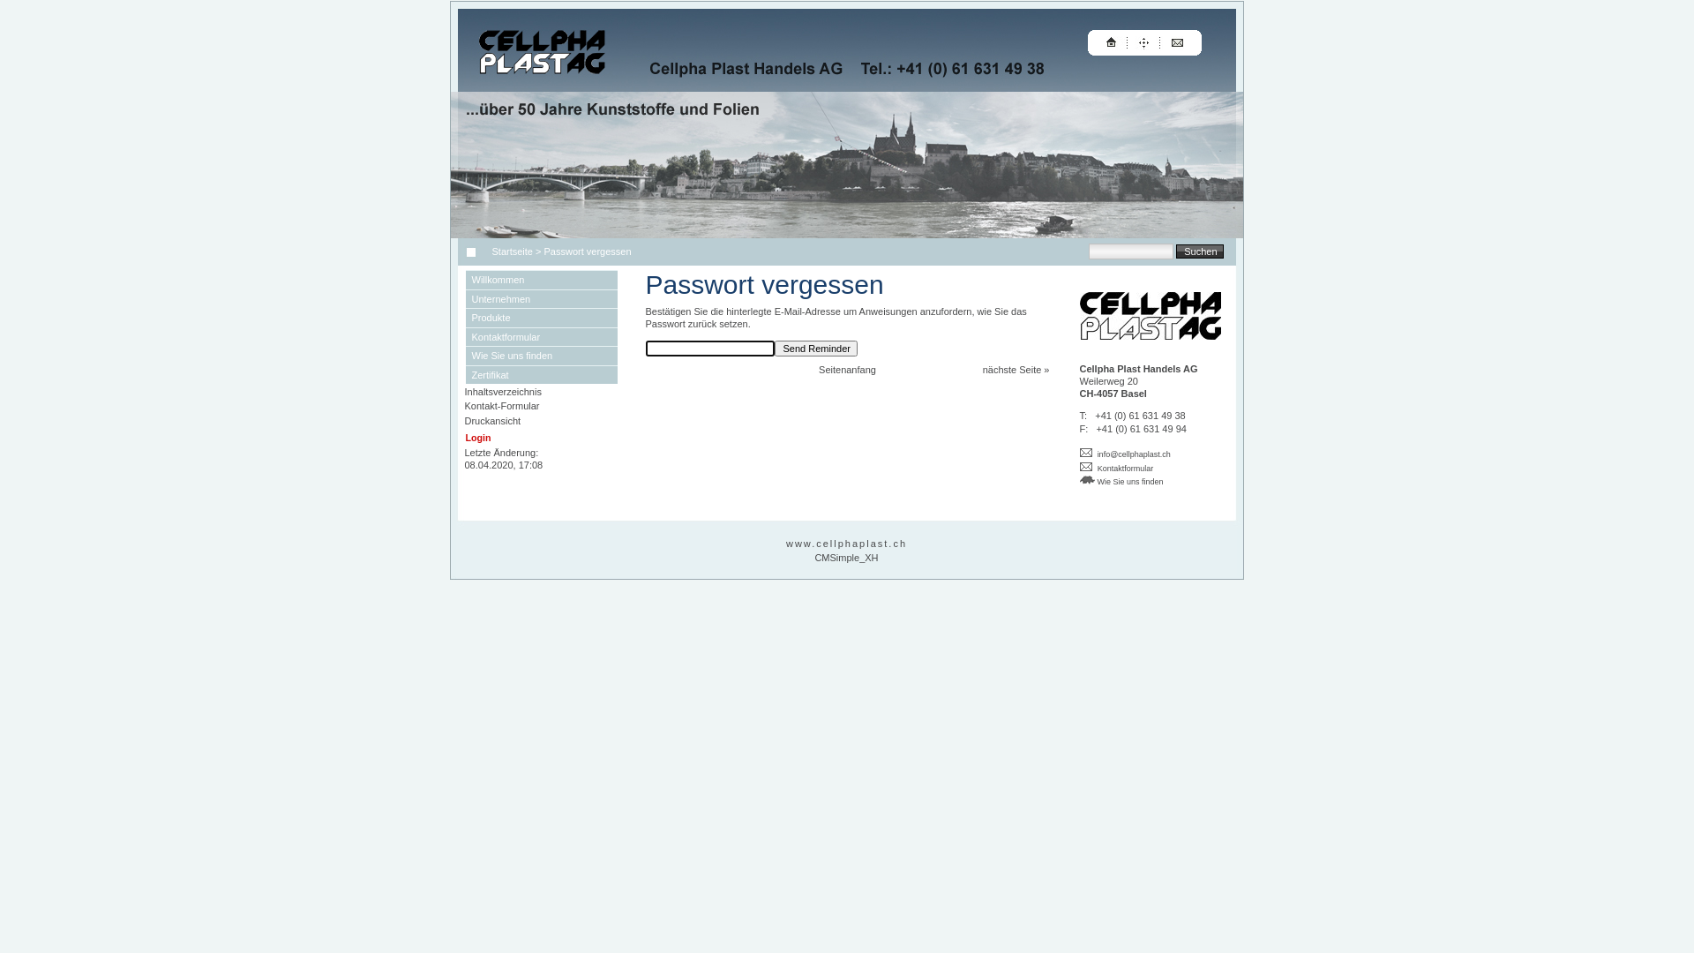 The image size is (1694, 953). What do you see at coordinates (541, 336) in the screenshot?
I see `'Kontaktformular'` at bounding box center [541, 336].